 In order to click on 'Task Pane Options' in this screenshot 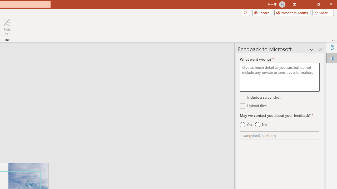, I will do `click(312, 50)`.